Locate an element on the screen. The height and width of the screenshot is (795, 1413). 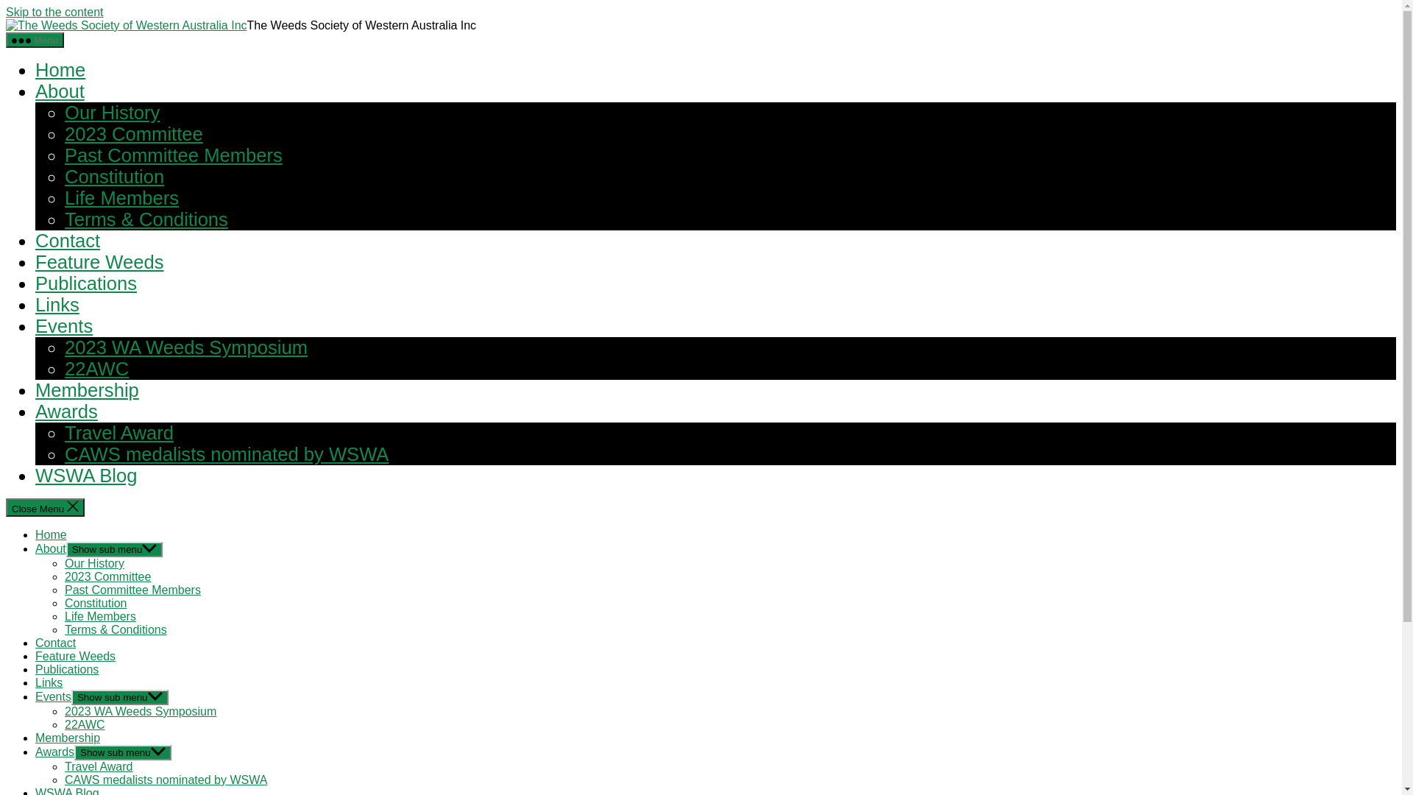
'Events' is located at coordinates (63, 325).